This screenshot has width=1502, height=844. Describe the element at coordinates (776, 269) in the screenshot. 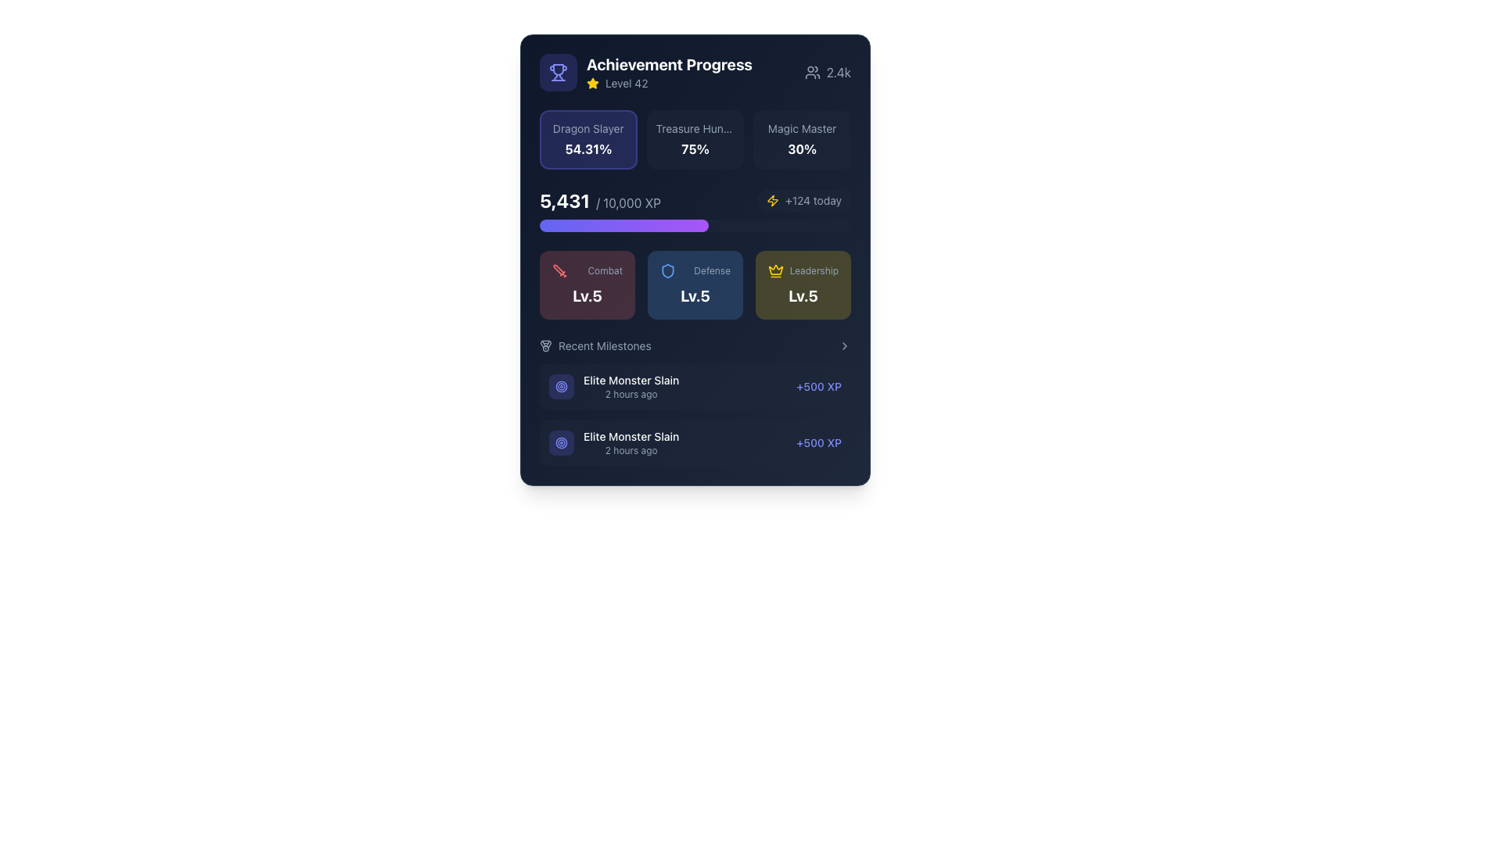

I see `the 'Leadership' icon located at the top part of the card, just above the text 'Lv.5'` at that location.